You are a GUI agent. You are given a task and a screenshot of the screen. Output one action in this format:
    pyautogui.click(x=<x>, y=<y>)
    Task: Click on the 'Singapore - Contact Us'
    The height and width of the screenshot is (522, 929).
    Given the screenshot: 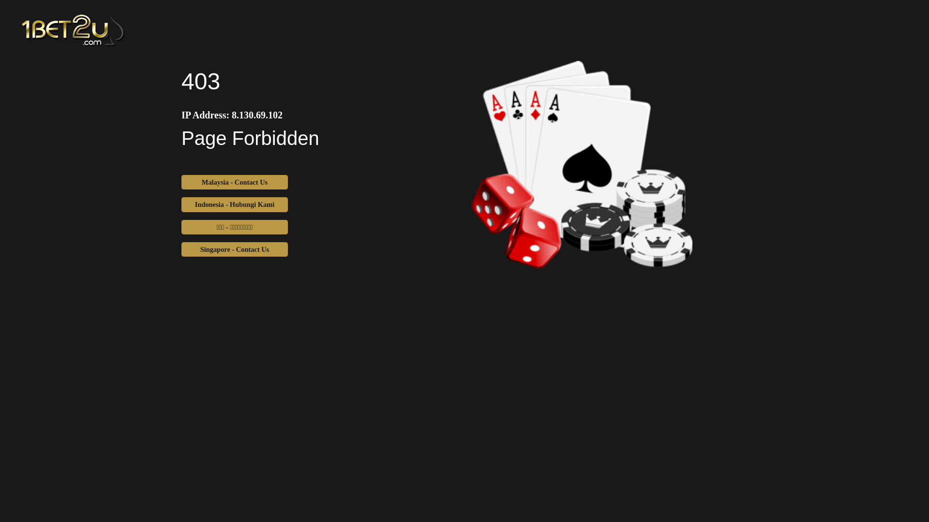 What is the action you would take?
    pyautogui.click(x=234, y=249)
    